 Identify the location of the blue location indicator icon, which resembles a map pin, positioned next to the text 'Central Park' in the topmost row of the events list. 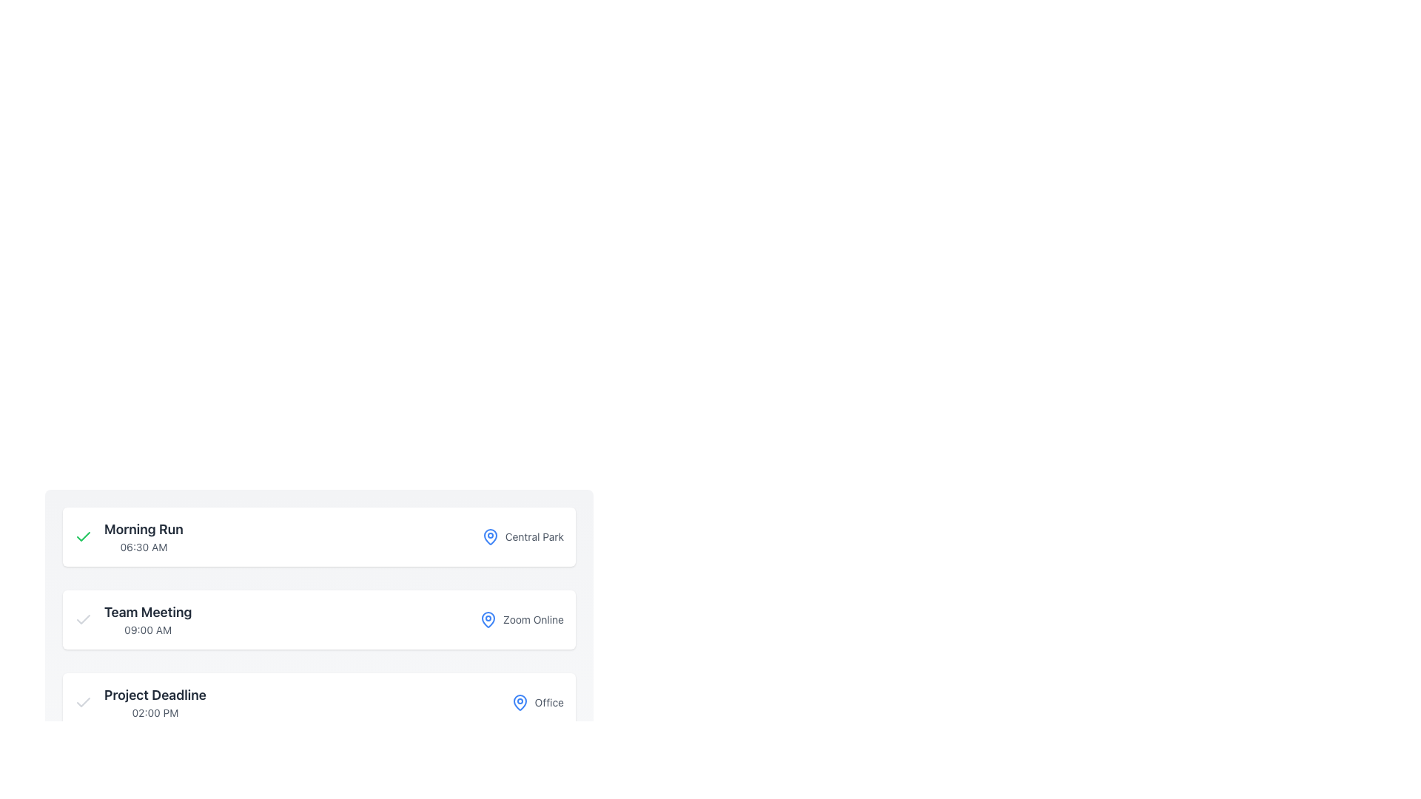
(490, 536).